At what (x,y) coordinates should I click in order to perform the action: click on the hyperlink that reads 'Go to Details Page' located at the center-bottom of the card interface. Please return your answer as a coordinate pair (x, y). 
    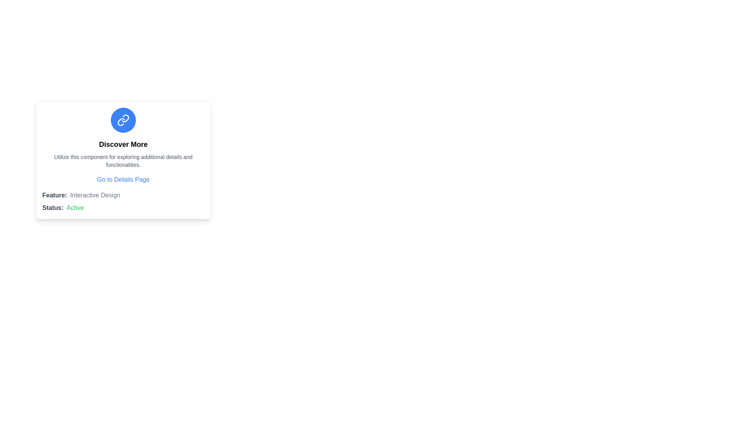
    Looking at the image, I should click on (123, 180).